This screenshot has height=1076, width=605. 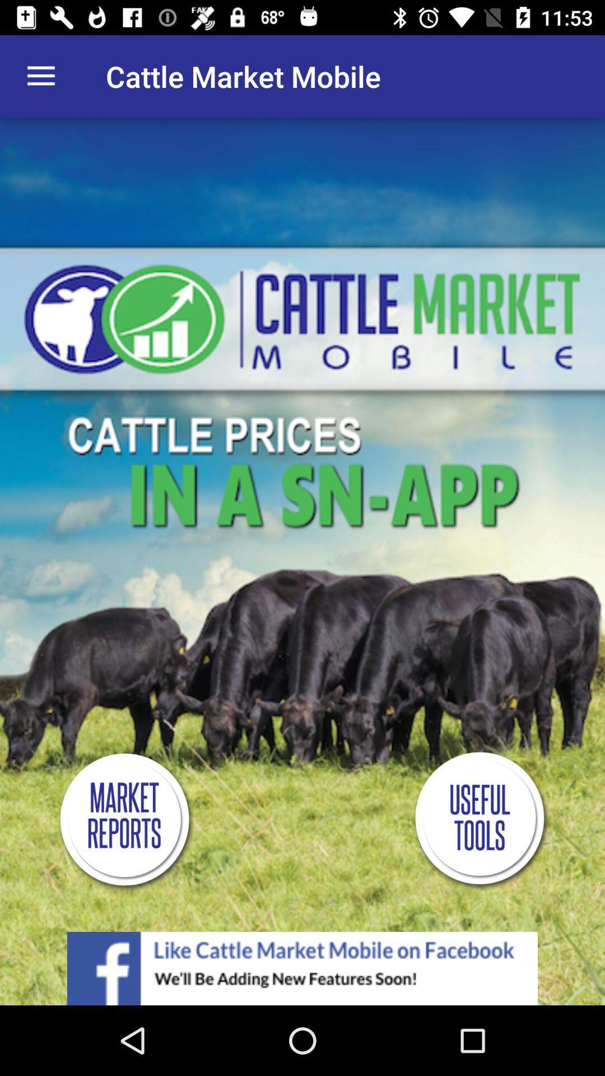 What do you see at coordinates (302, 968) in the screenshot?
I see `advertising` at bounding box center [302, 968].